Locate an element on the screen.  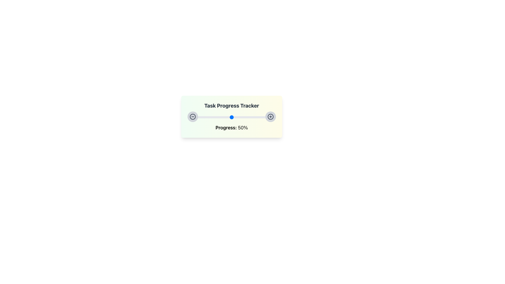
the slider is located at coordinates (234, 117).